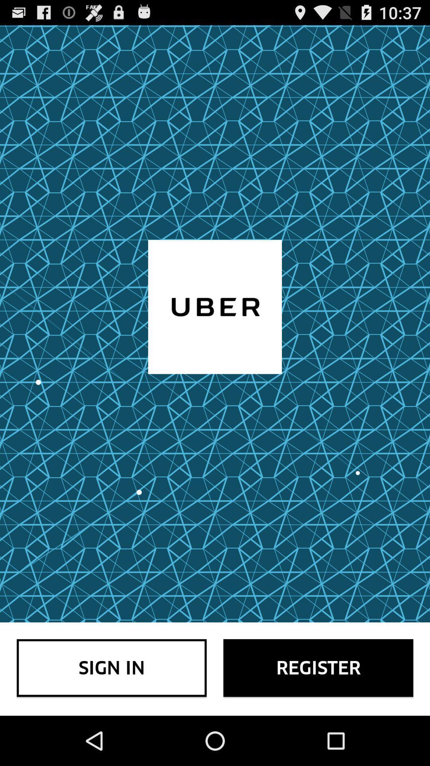 This screenshot has width=430, height=766. Describe the element at coordinates (318, 668) in the screenshot. I see `the icon to the right of the sign in item` at that location.